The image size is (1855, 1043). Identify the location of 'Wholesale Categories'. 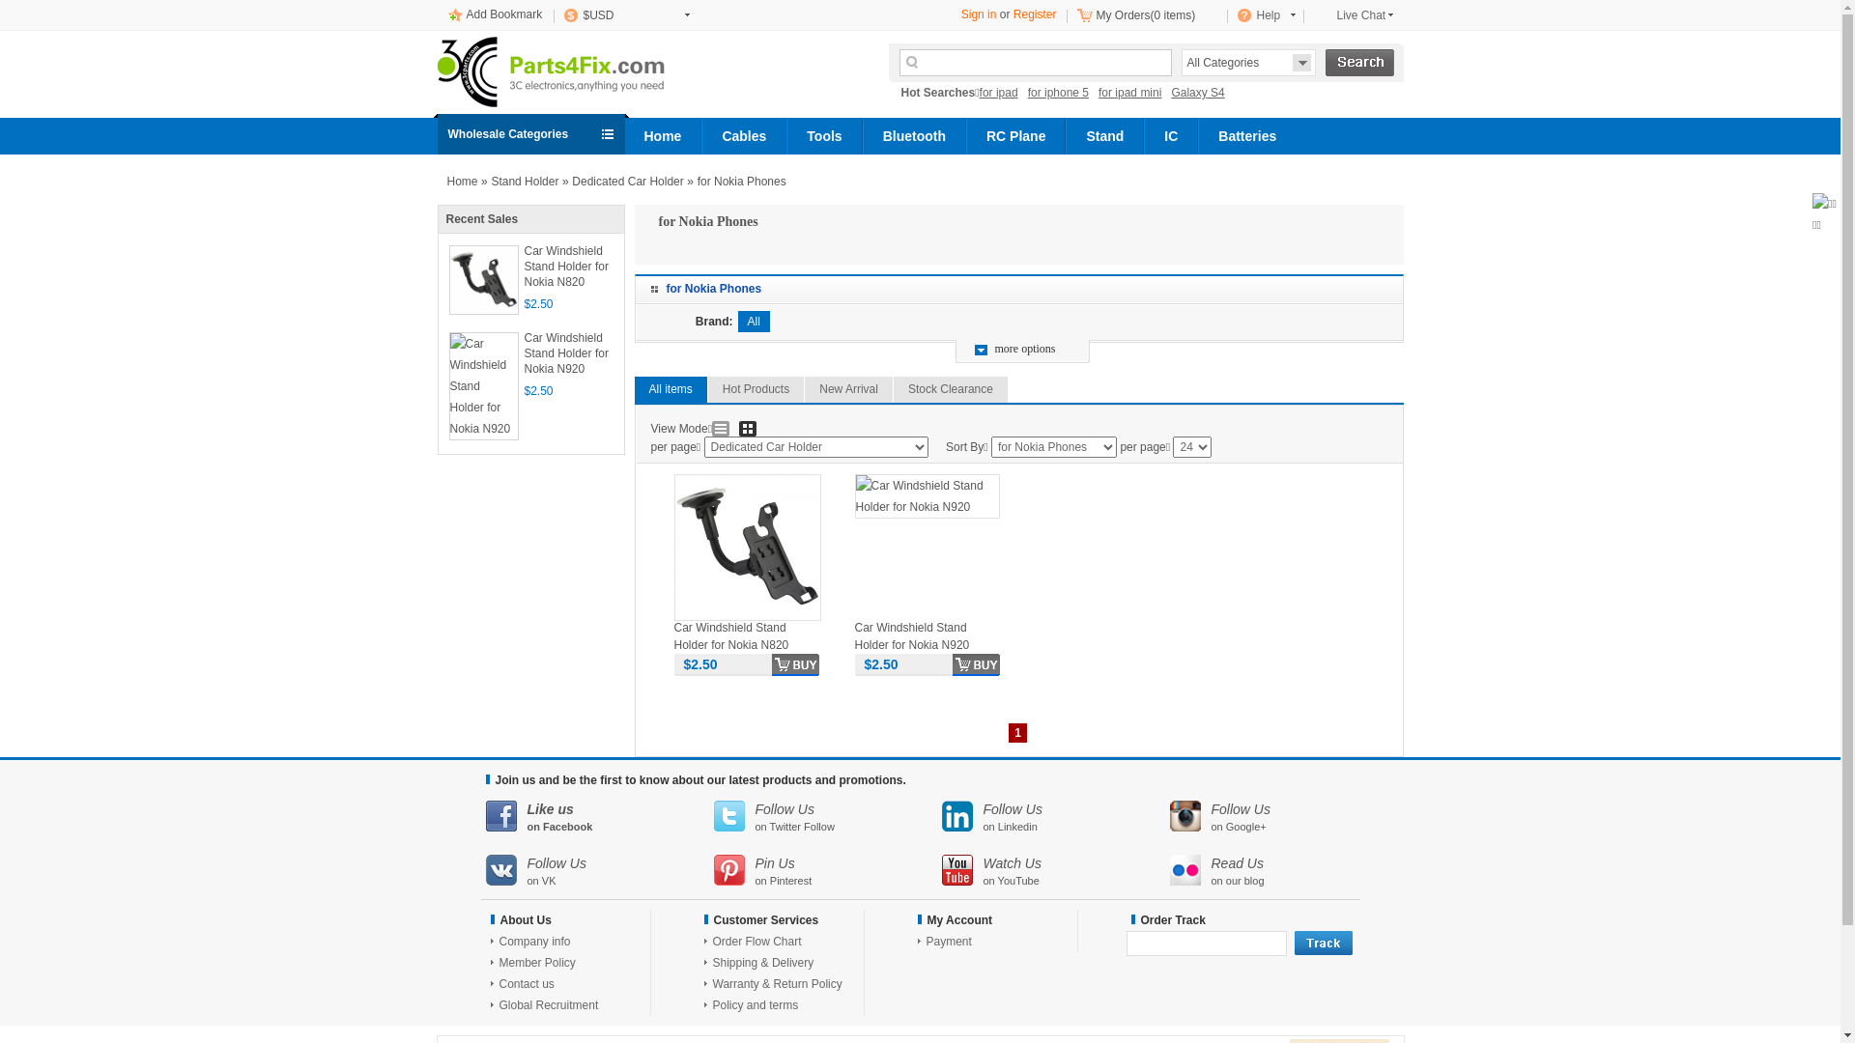
(529, 132).